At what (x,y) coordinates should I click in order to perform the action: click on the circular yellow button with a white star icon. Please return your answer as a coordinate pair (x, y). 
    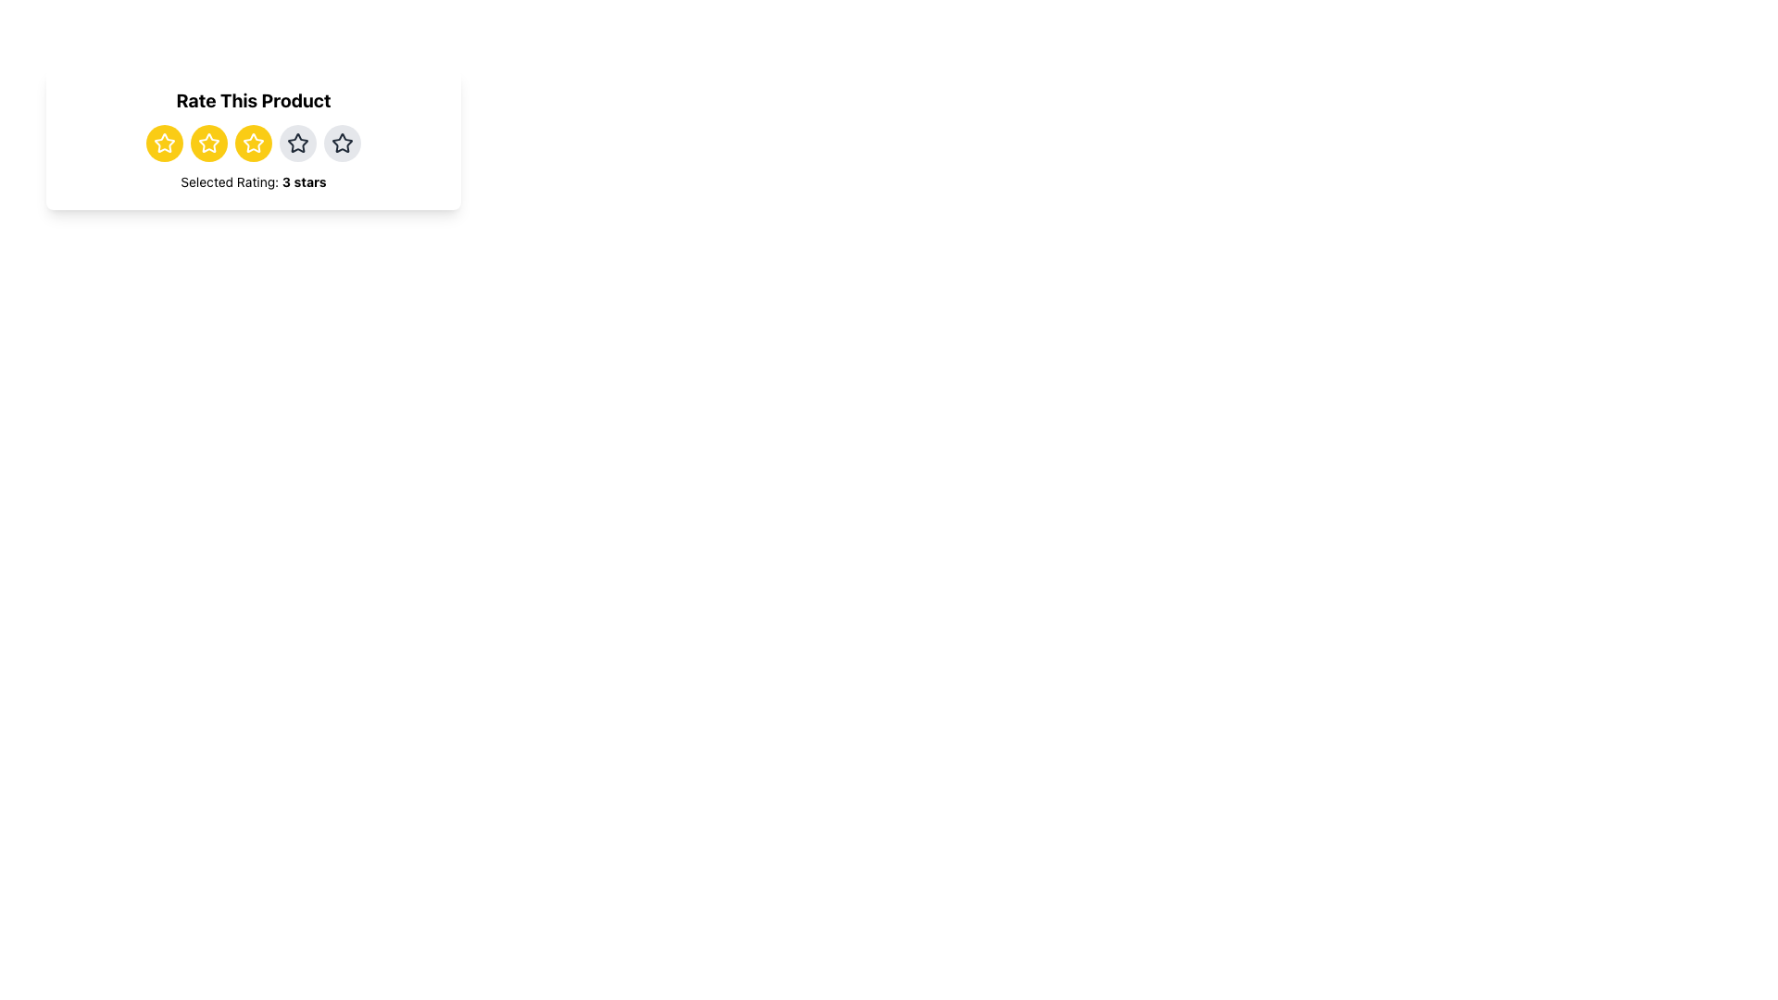
    Looking at the image, I should click on (208, 142).